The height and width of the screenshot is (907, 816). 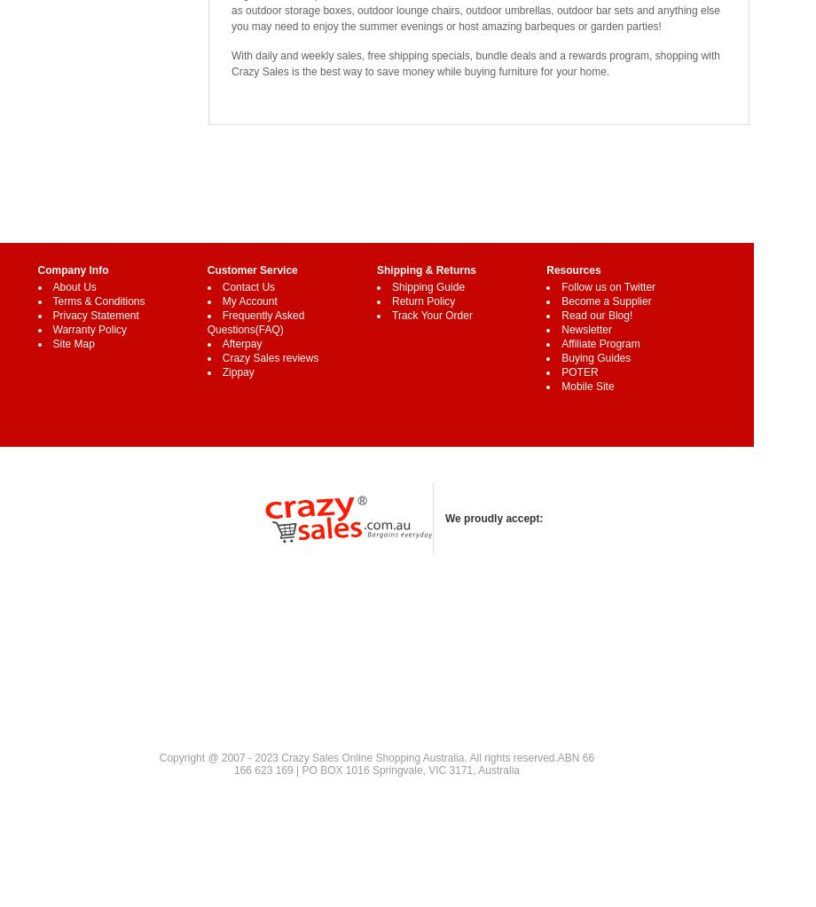 What do you see at coordinates (426, 269) in the screenshot?
I see `'Shipping & Returns'` at bounding box center [426, 269].